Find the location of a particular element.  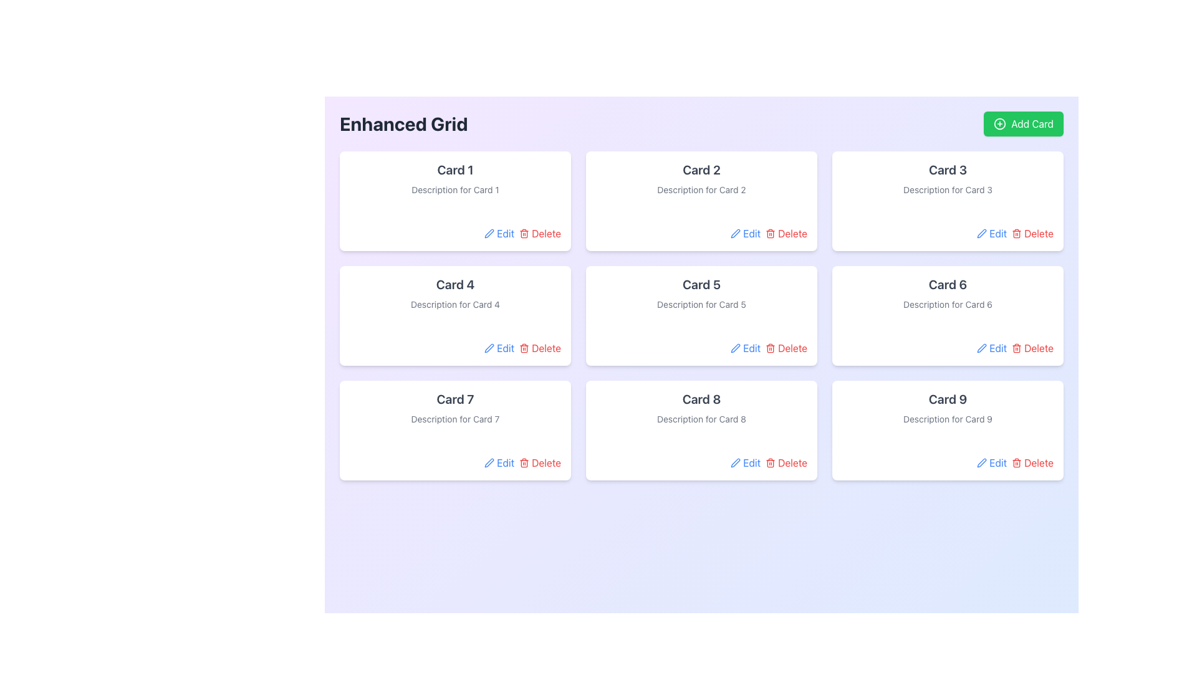

the textual display area showing 'Card 9' and 'Description for Card 9' located in the bottom-right card of the grid layout is located at coordinates (948, 408).